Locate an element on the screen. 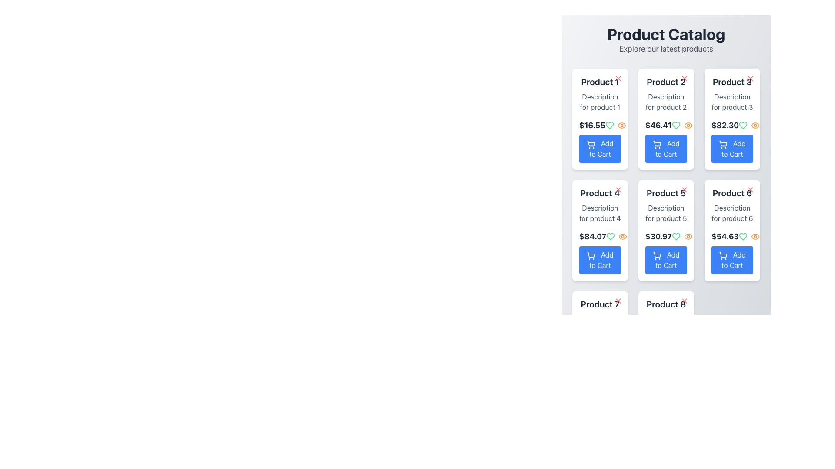 This screenshot has width=835, height=469. introductory text label located at the top center of the interface, directly below the 'Product Catalog' header is located at coordinates (665, 49).